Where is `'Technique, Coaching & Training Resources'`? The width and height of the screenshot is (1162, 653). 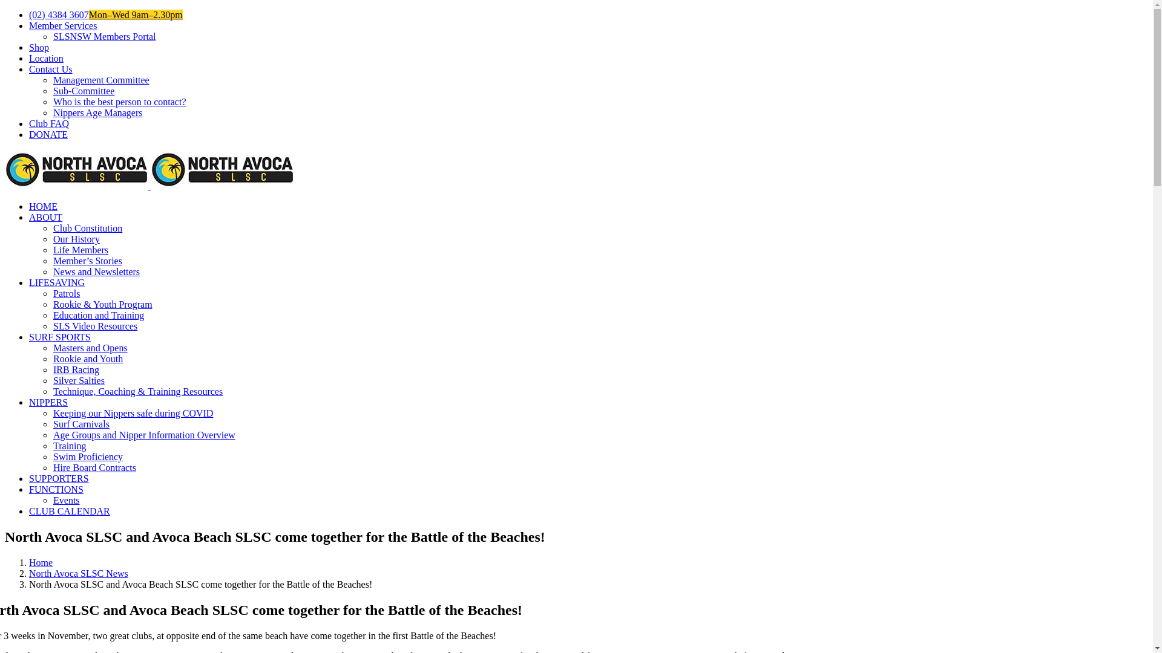 'Technique, Coaching & Training Resources' is located at coordinates (138, 391).